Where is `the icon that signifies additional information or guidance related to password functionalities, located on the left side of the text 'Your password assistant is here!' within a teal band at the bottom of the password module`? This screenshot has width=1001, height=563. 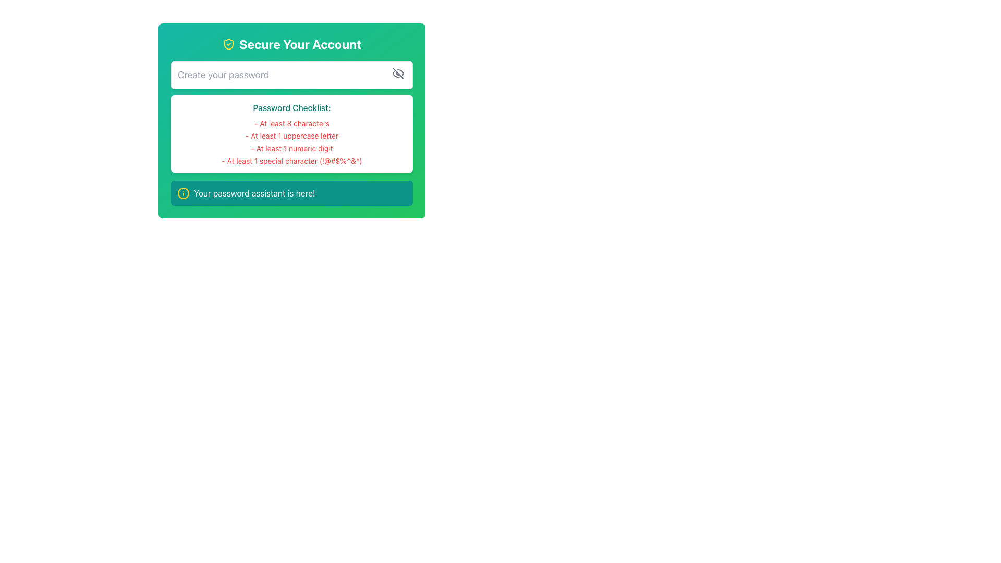
the icon that signifies additional information or guidance related to password functionalities, located on the left side of the text 'Your password assistant is here!' within a teal band at the bottom of the password module is located at coordinates (183, 193).